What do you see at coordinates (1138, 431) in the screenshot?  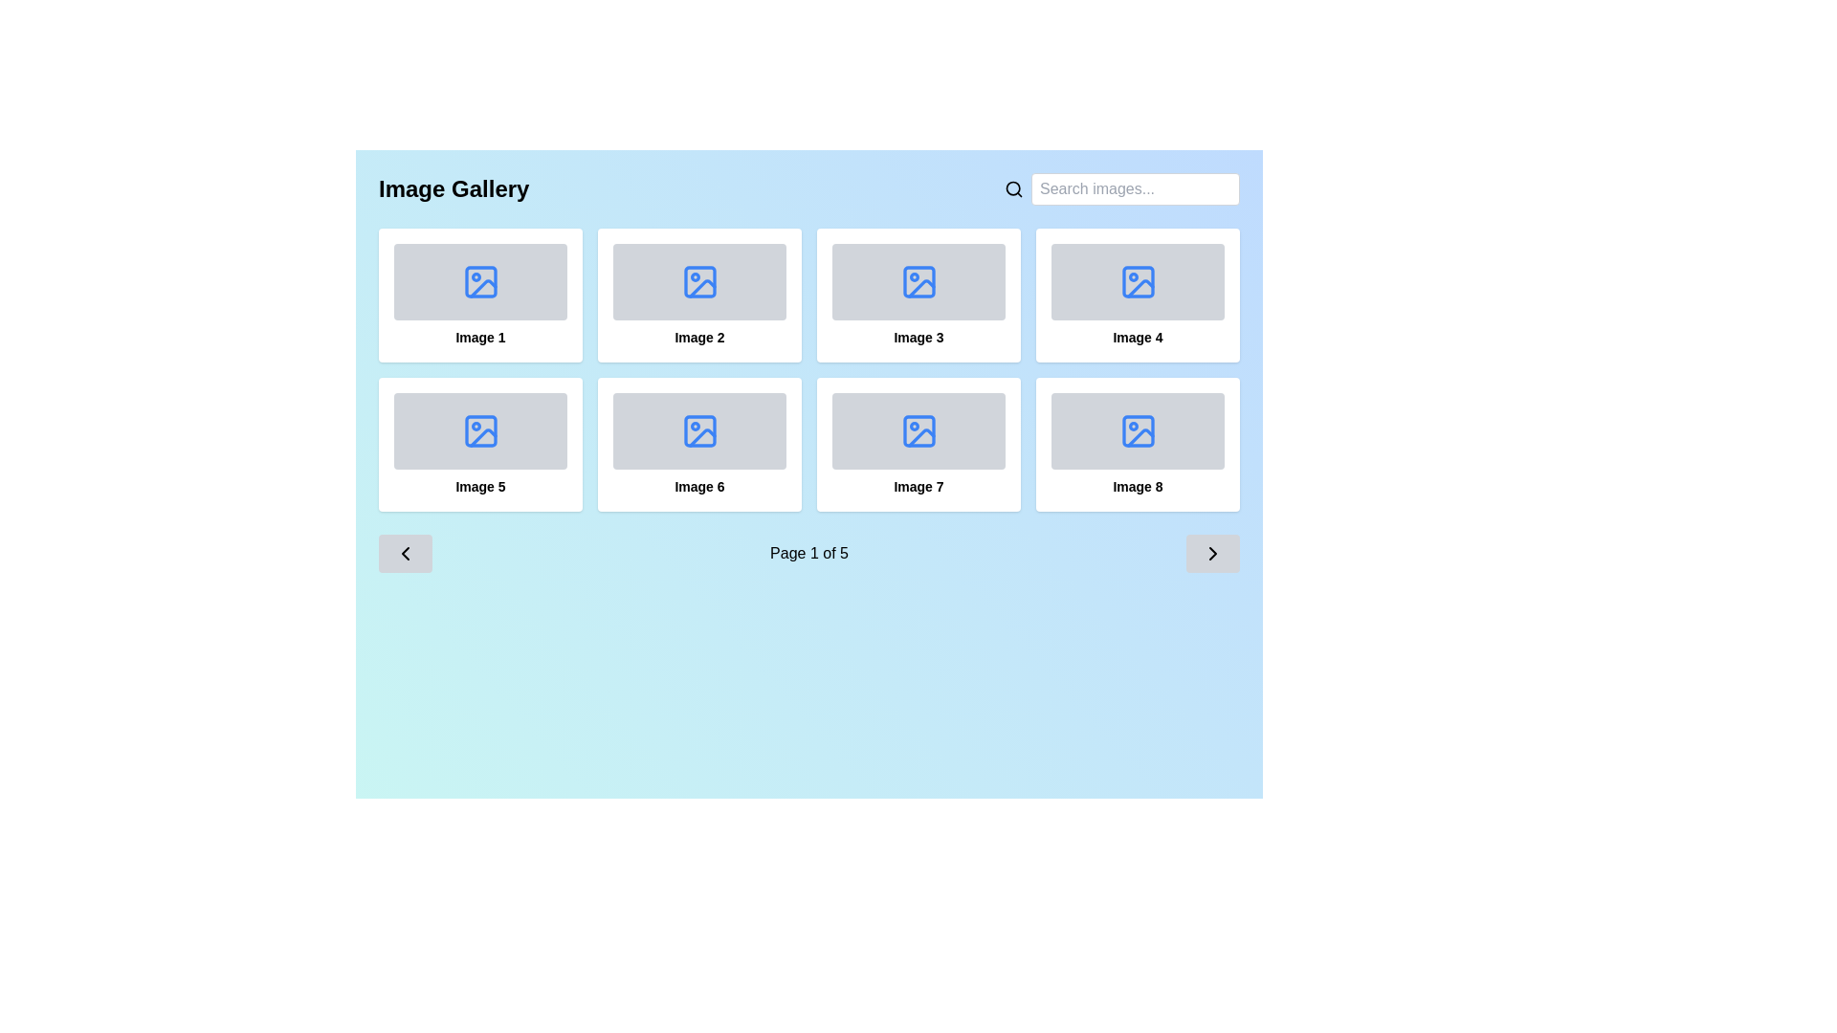 I see `the top-left rectangle with rounded corners that represents an image icon within the 'Image 8' tile in the image gallery grid` at bounding box center [1138, 431].